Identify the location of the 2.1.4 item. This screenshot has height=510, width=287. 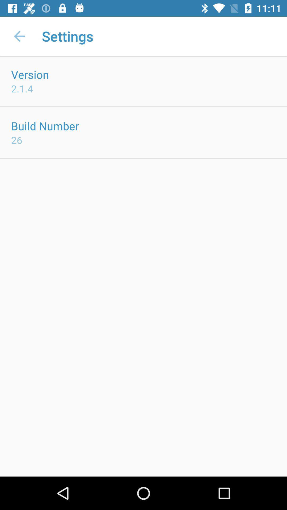
(22, 88).